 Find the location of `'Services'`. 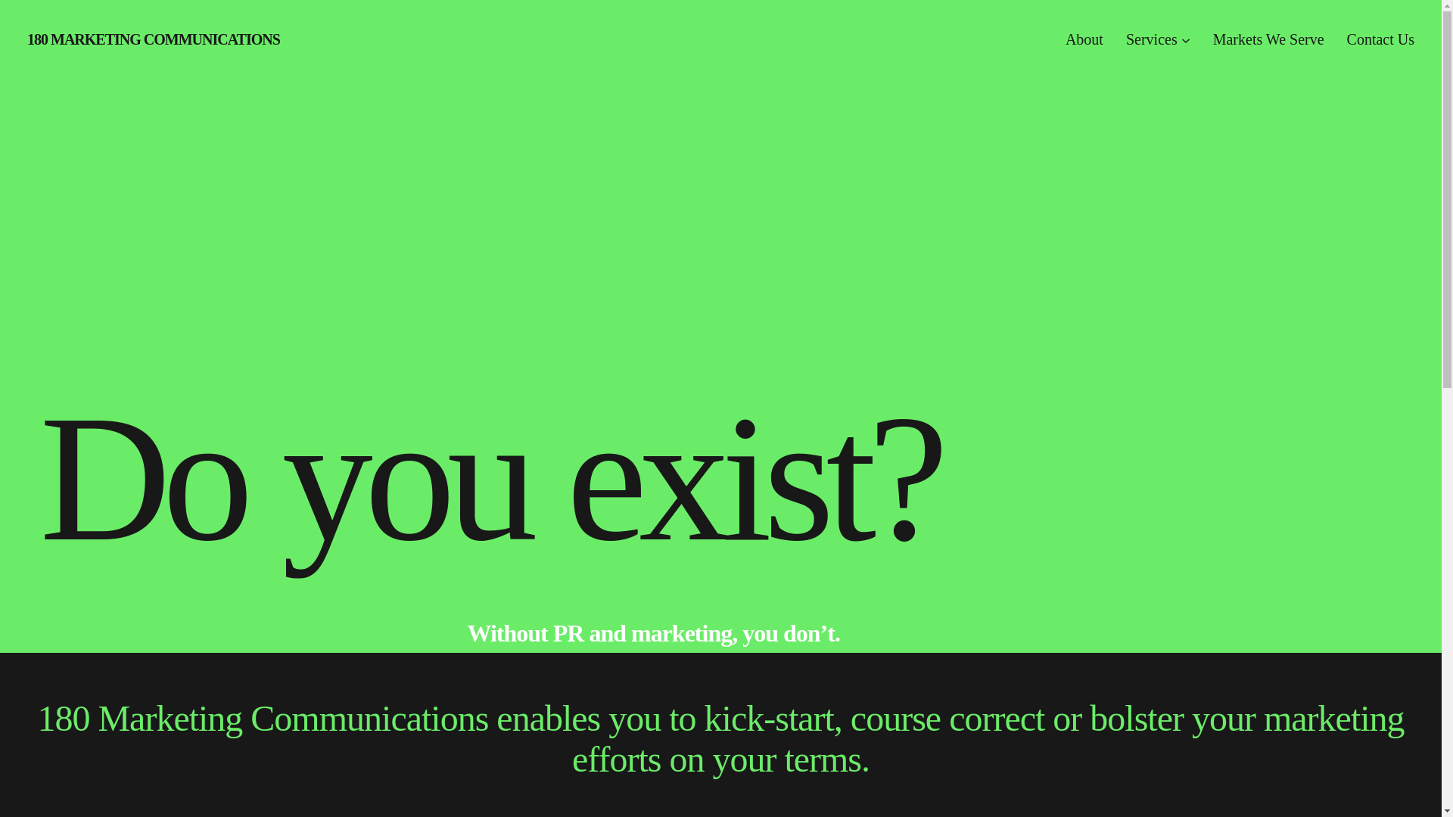

'Services' is located at coordinates (1126, 38).